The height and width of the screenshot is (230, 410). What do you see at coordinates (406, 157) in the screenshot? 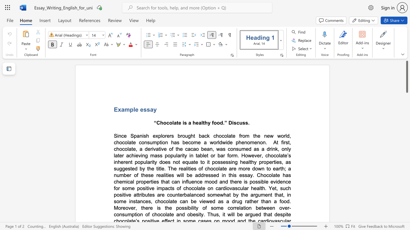
I see `the scrollbar on the right side to scroll the page down` at bounding box center [406, 157].